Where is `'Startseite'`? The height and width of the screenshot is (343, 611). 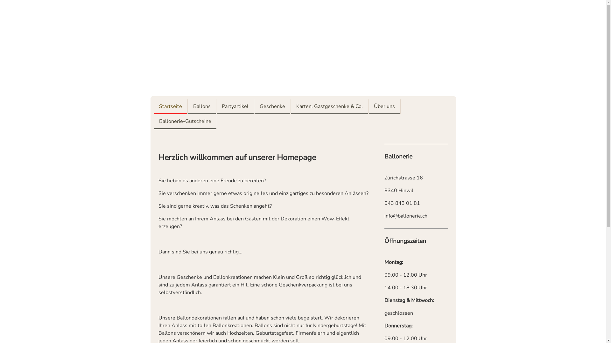
'Startseite' is located at coordinates (171, 106).